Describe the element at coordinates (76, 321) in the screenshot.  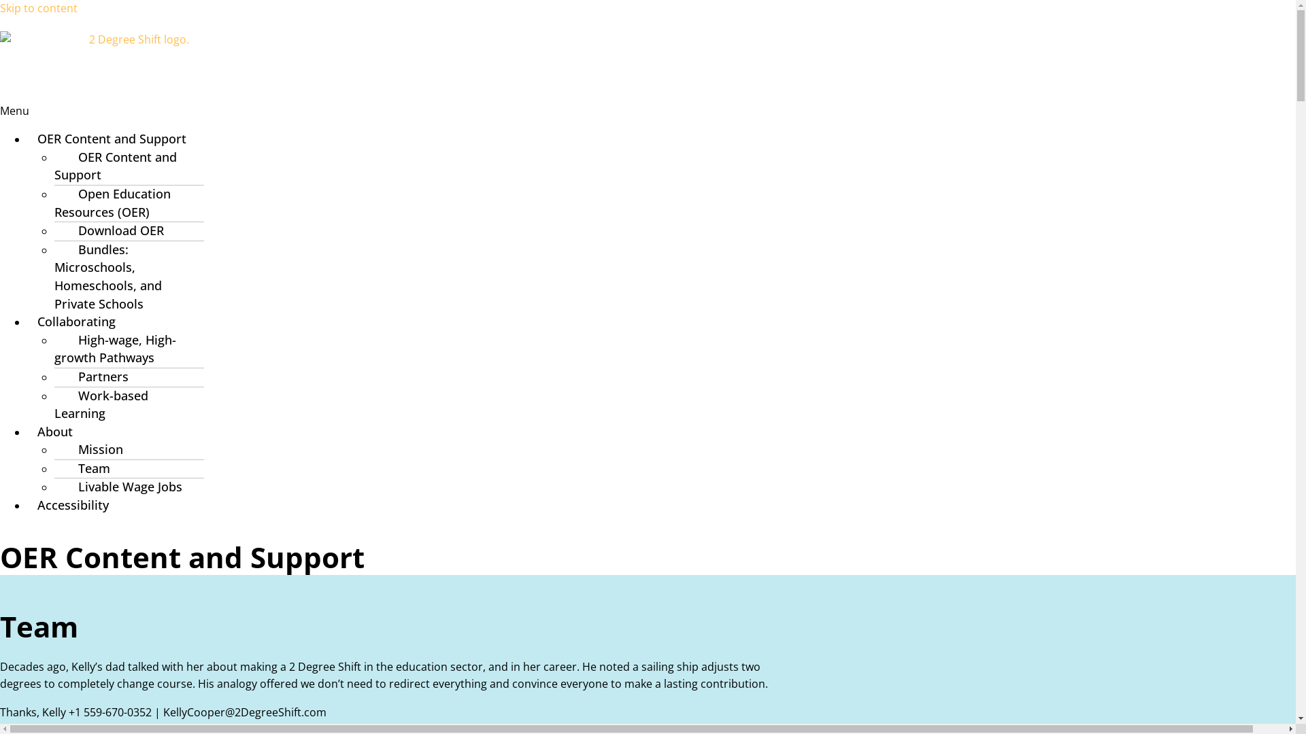
I see `'Collaborating'` at that location.